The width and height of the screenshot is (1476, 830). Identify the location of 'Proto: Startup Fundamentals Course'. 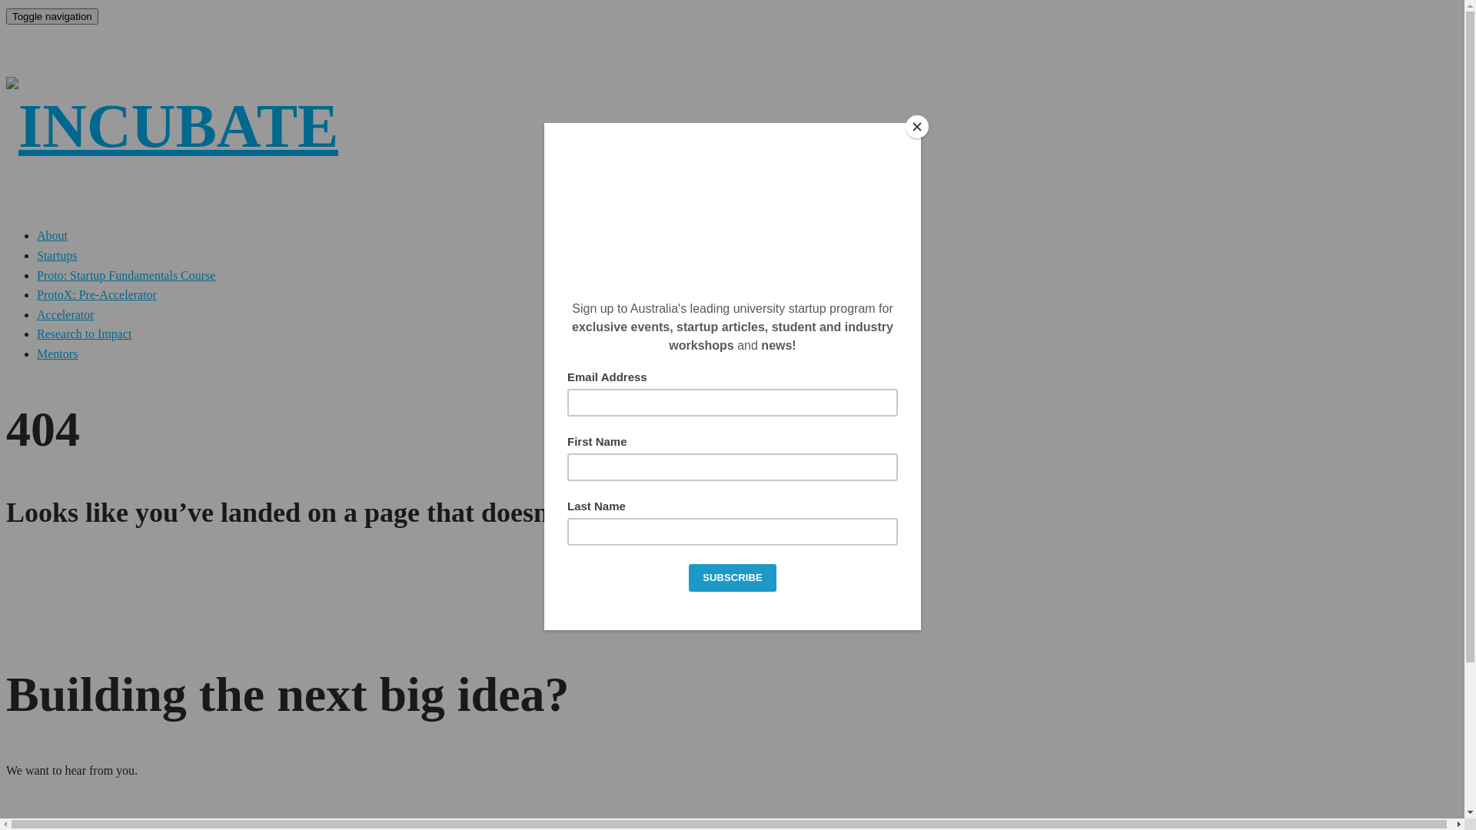
(125, 274).